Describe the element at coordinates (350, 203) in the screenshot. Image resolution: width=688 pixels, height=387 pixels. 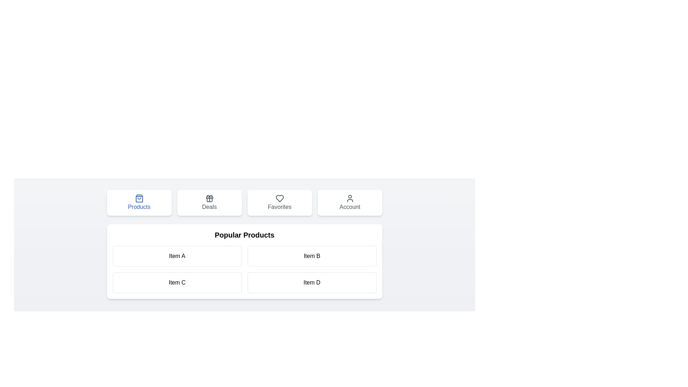
I see `the tab labeled Account` at that location.